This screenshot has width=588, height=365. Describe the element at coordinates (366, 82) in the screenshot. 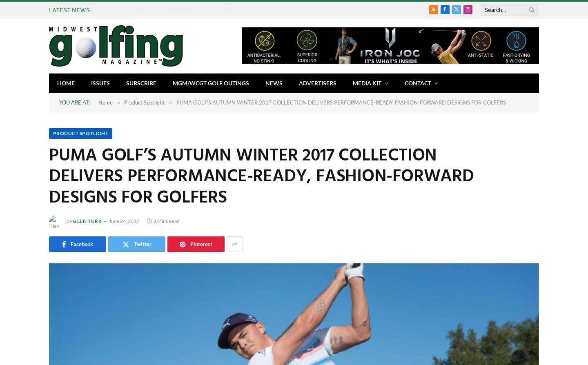

I see `'Media Kit'` at that location.